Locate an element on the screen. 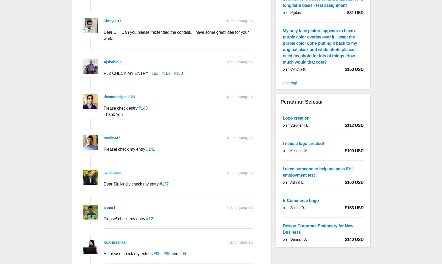 The height and width of the screenshot is (264, 442). '#93' is located at coordinates (163, 254).